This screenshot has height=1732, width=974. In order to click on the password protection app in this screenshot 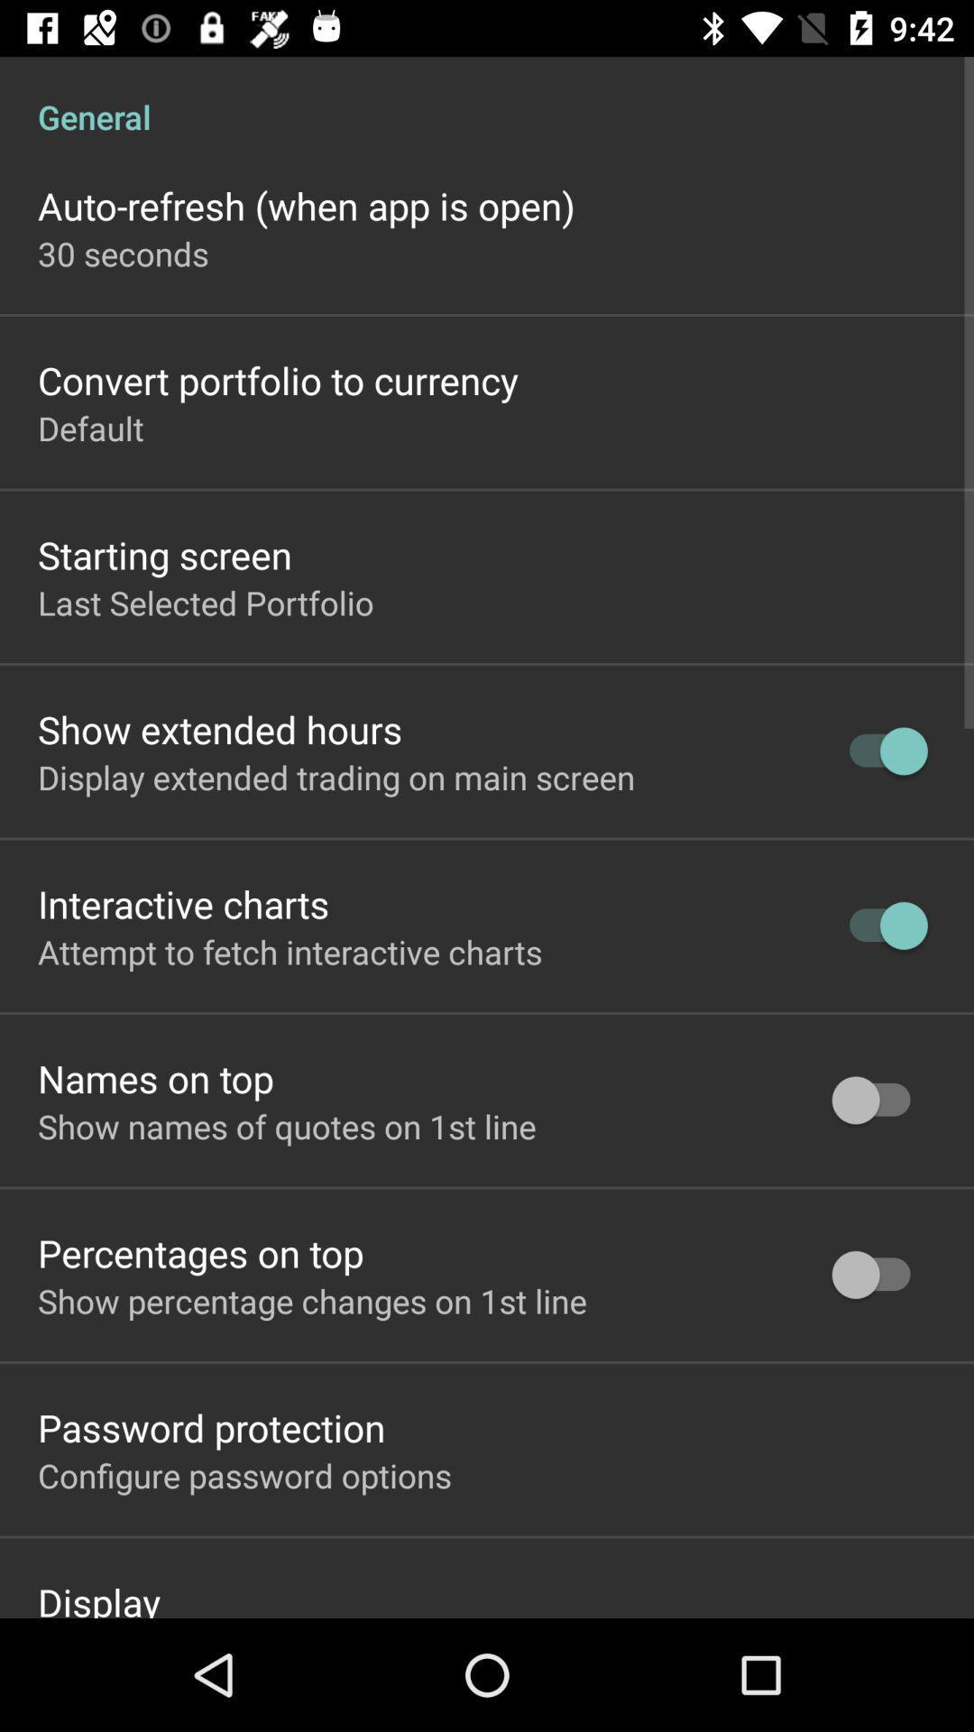, I will do `click(210, 1426)`.